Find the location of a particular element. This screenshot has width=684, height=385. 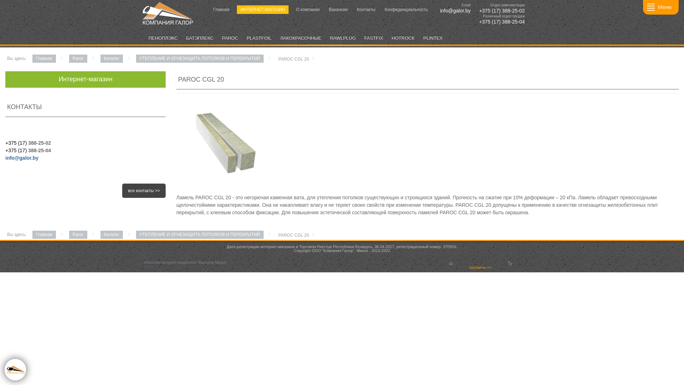

'HOTROCK' is located at coordinates (388, 38).